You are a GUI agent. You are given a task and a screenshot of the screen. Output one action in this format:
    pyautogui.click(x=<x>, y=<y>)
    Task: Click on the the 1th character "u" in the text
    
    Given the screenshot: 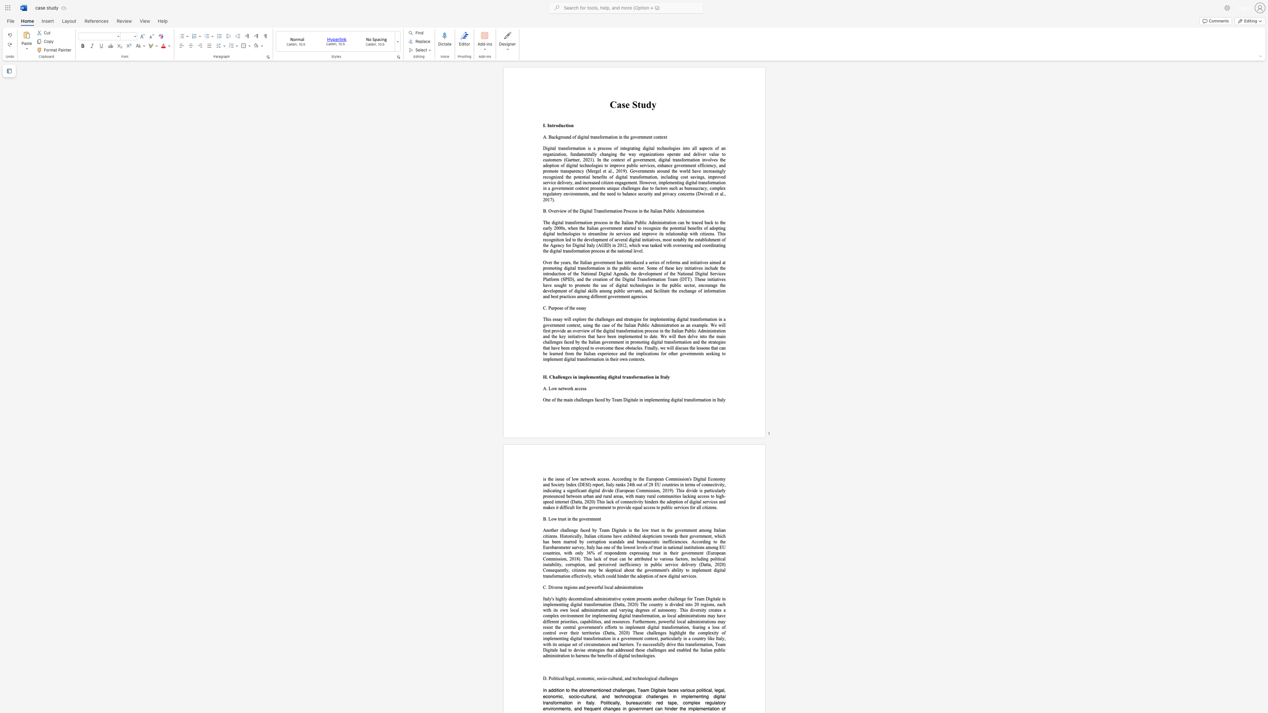 What is the action you would take?
    pyautogui.click(x=643, y=105)
    